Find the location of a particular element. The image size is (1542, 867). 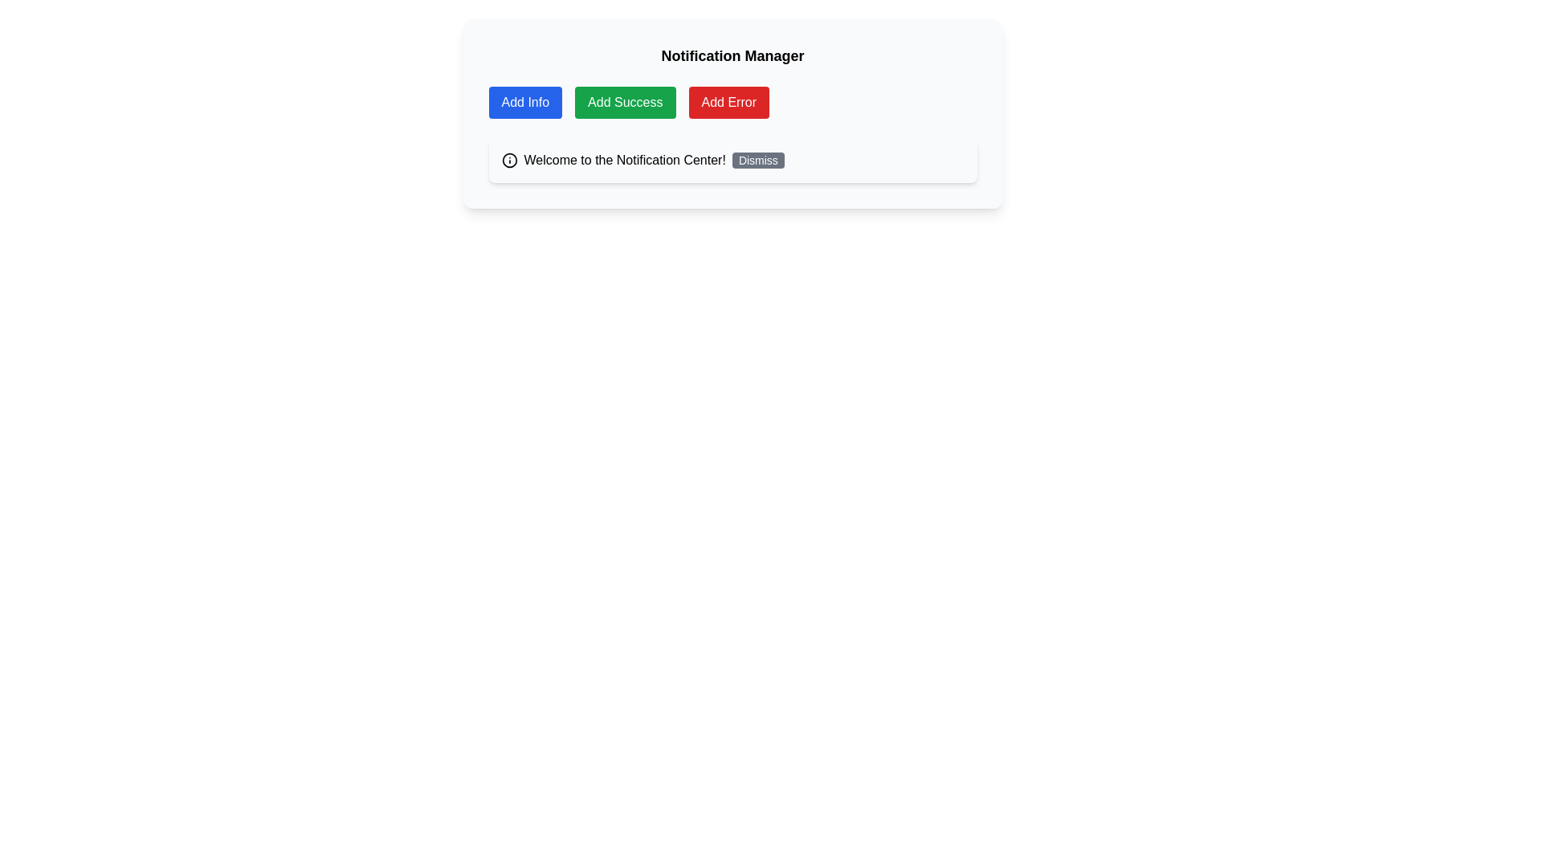

the rightmost button in a row of three buttons, which triggers an error-related action is located at coordinates (728, 102).